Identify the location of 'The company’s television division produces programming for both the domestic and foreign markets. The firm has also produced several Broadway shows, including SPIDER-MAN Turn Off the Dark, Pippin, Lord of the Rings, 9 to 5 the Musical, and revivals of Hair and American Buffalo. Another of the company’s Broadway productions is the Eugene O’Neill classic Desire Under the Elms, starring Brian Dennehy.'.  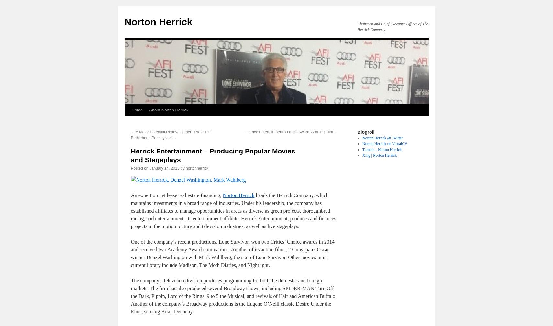
(233, 296).